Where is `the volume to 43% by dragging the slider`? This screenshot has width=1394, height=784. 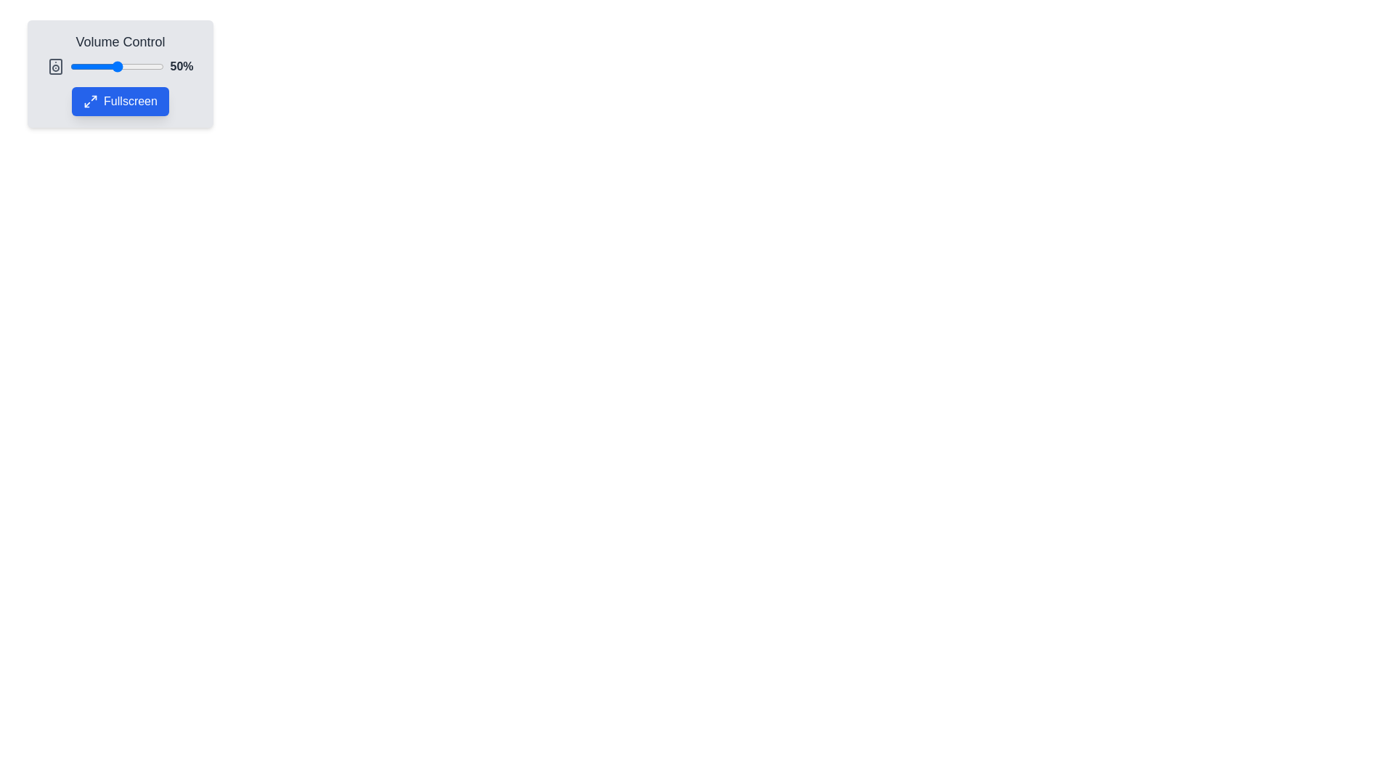 the volume to 43% by dragging the slider is located at coordinates (110, 67).